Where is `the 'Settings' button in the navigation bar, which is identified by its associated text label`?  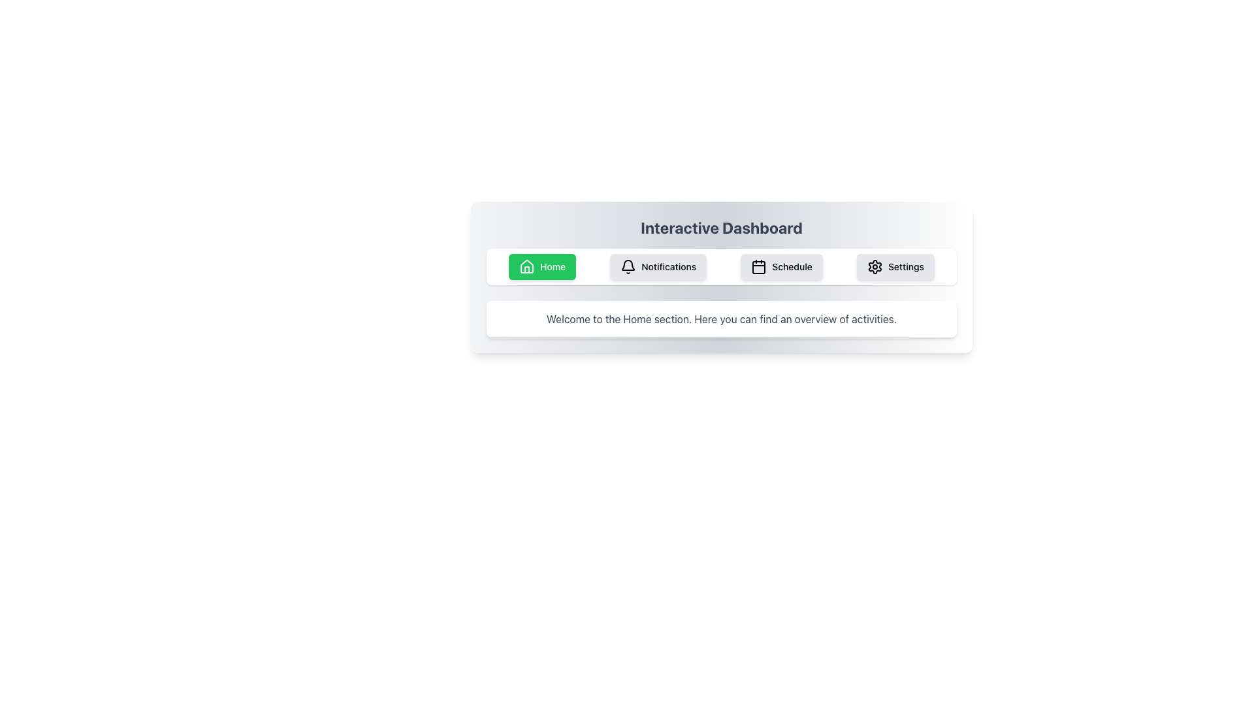
the 'Settings' button in the navigation bar, which is identified by its associated text label is located at coordinates (905, 266).